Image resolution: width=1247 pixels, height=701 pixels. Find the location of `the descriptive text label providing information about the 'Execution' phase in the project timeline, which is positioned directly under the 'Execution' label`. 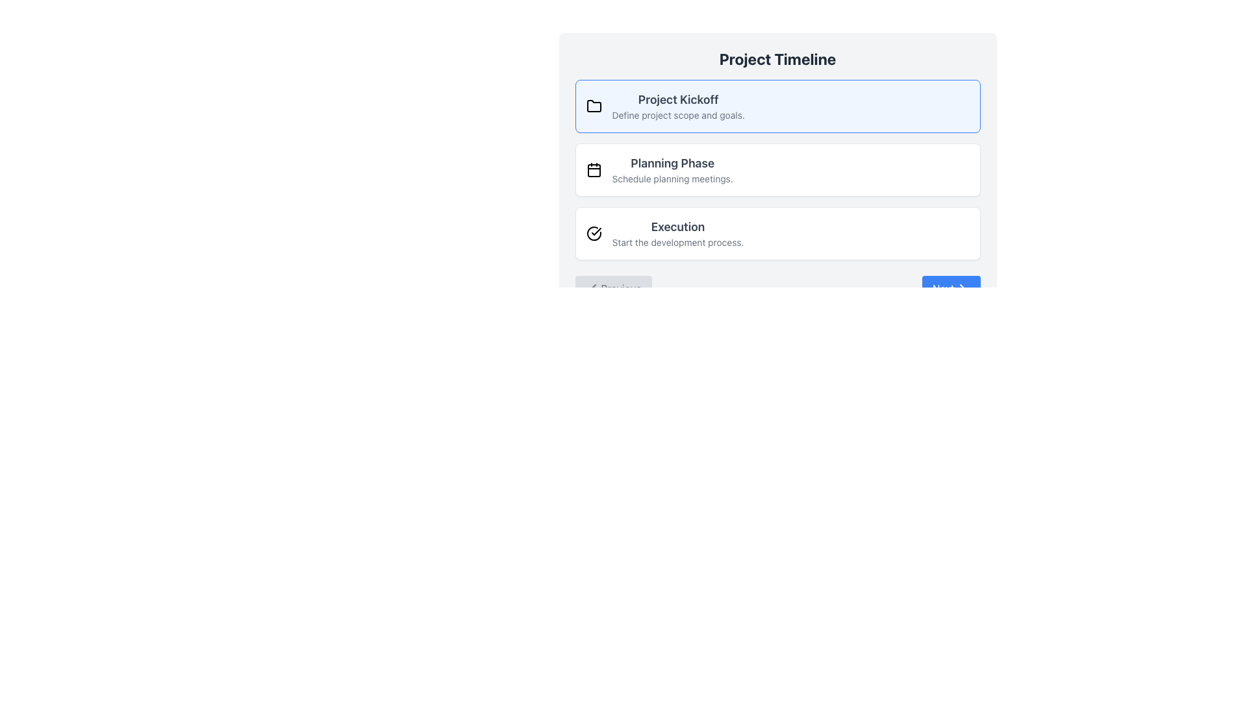

the descriptive text label providing information about the 'Execution' phase in the project timeline, which is positioned directly under the 'Execution' label is located at coordinates (677, 243).